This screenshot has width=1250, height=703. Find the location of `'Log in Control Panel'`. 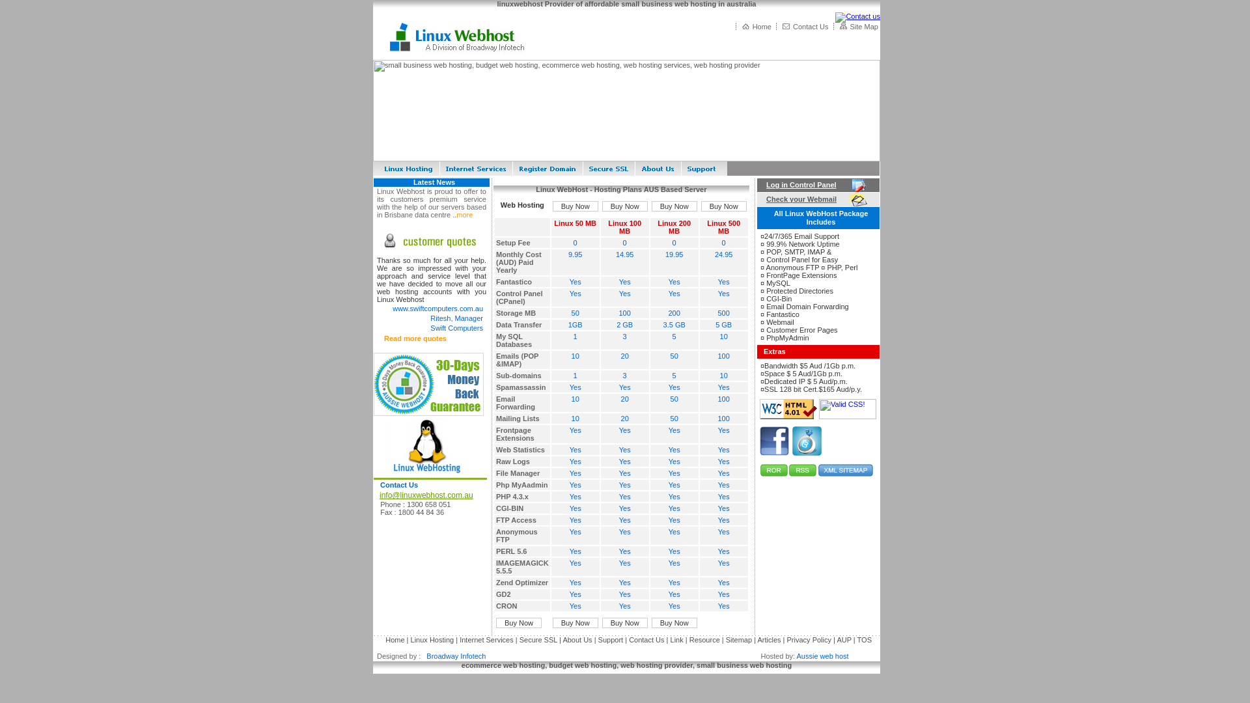

'Log in Control Panel' is located at coordinates (759, 185).